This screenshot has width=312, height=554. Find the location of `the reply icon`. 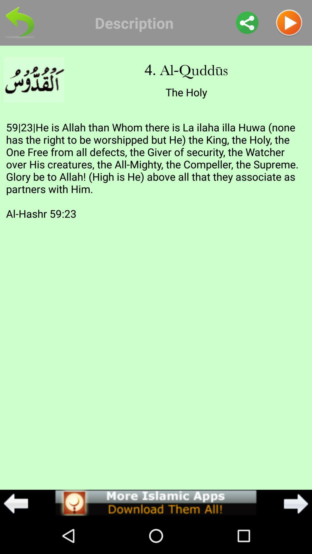

the reply icon is located at coordinates (20, 24).